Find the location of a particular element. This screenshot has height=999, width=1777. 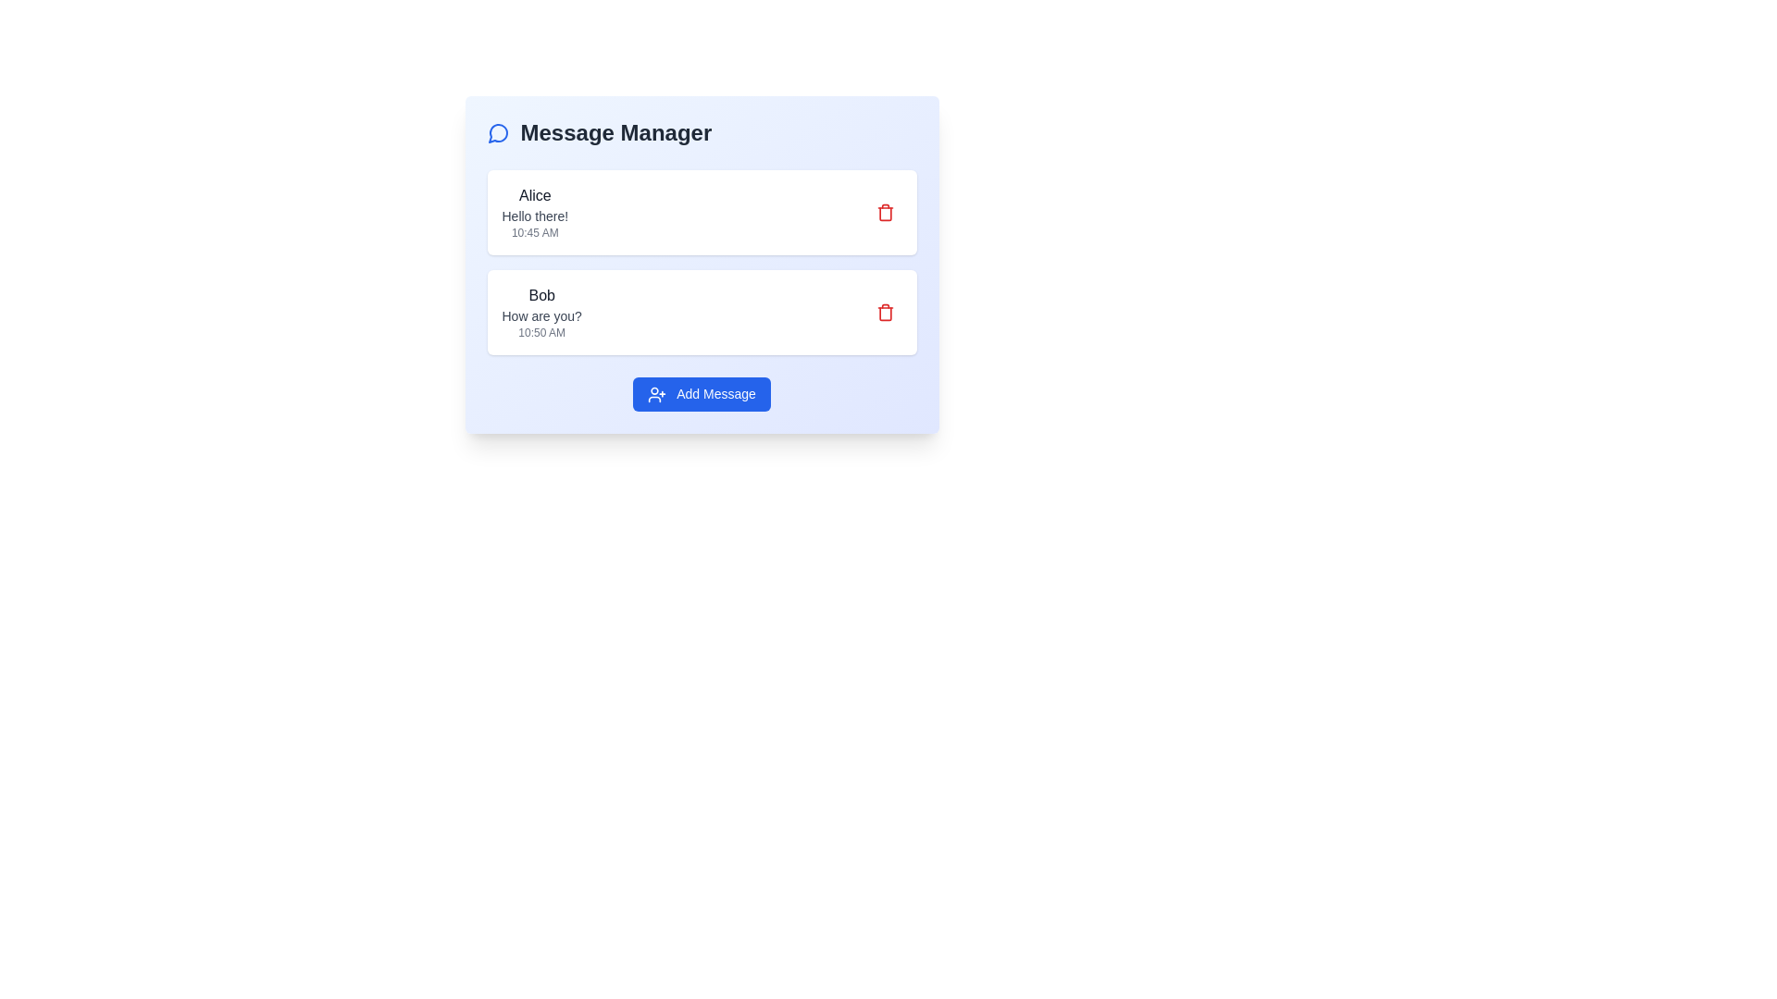

timestamp displayed as '10:50 AM' in a small-sized light gray font located beneath the message text and username 'Bob' in the message interface is located at coordinates (541, 331).